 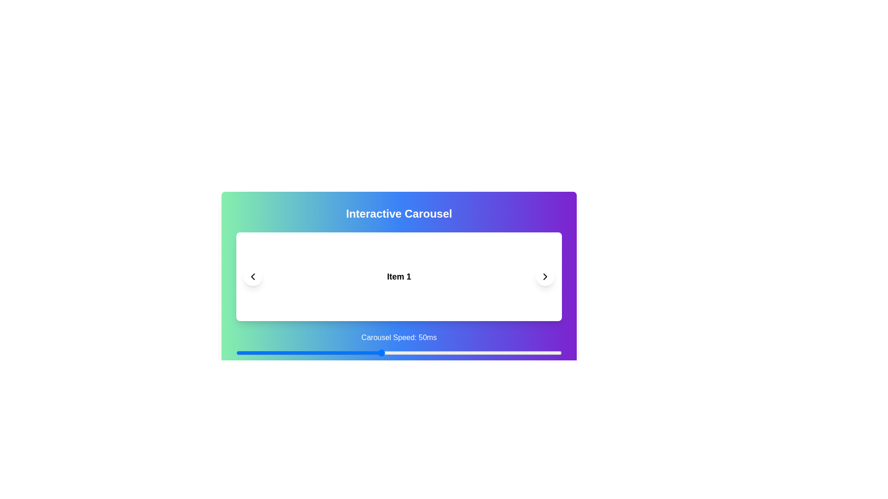 What do you see at coordinates (558, 353) in the screenshot?
I see `the carousel speed to 99 ms using the slider` at bounding box center [558, 353].